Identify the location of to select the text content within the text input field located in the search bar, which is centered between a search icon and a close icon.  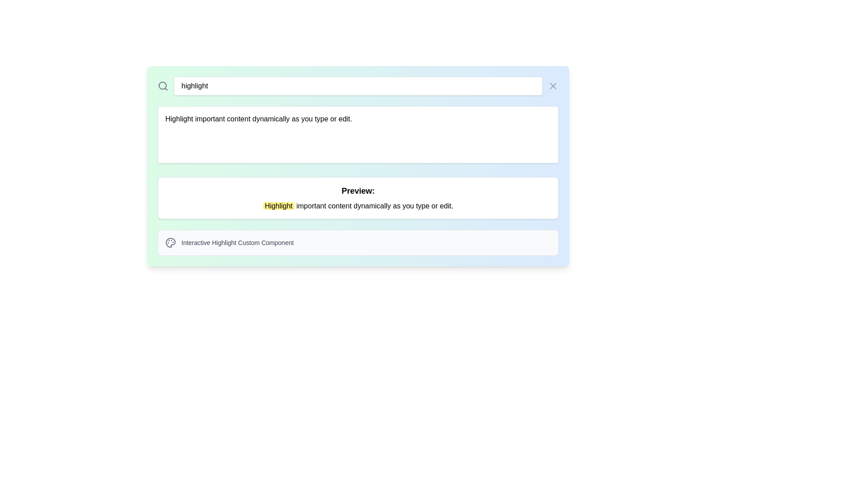
(358, 86).